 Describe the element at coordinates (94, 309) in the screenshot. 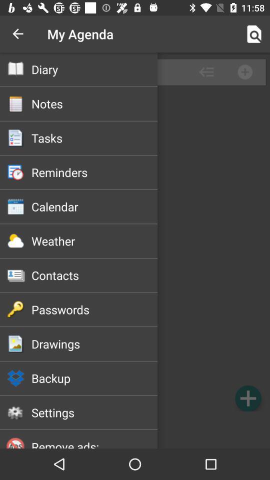

I see `item above the drawings item` at that location.